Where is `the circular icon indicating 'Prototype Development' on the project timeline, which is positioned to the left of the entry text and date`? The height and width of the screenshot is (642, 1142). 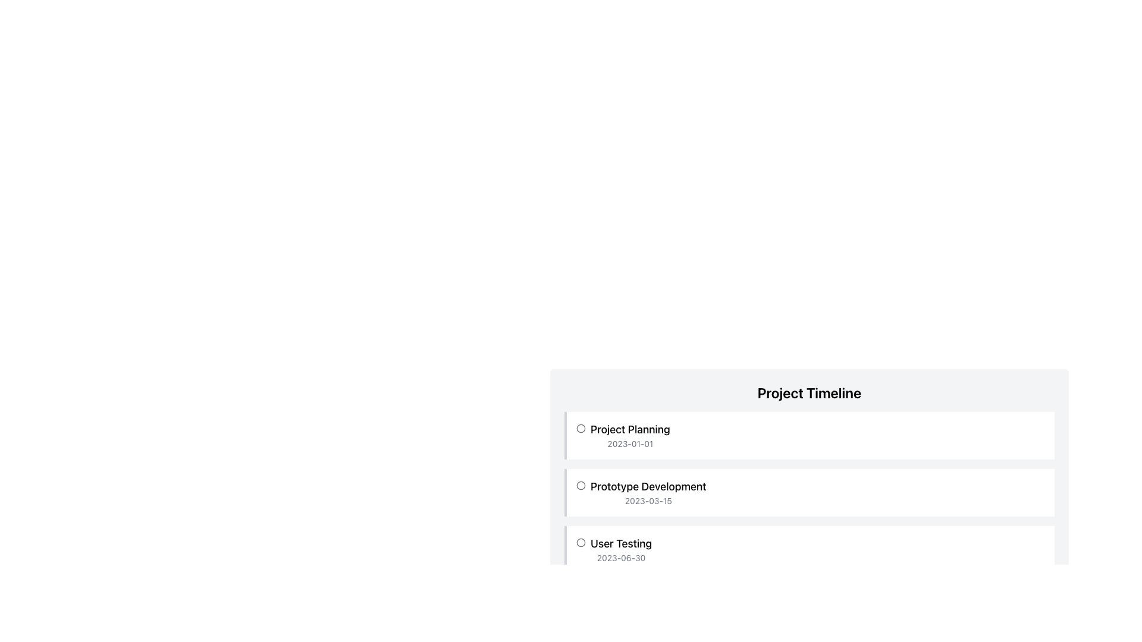 the circular icon indicating 'Prototype Development' on the project timeline, which is positioned to the left of the entry text and date is located at coordinates (581, 493).